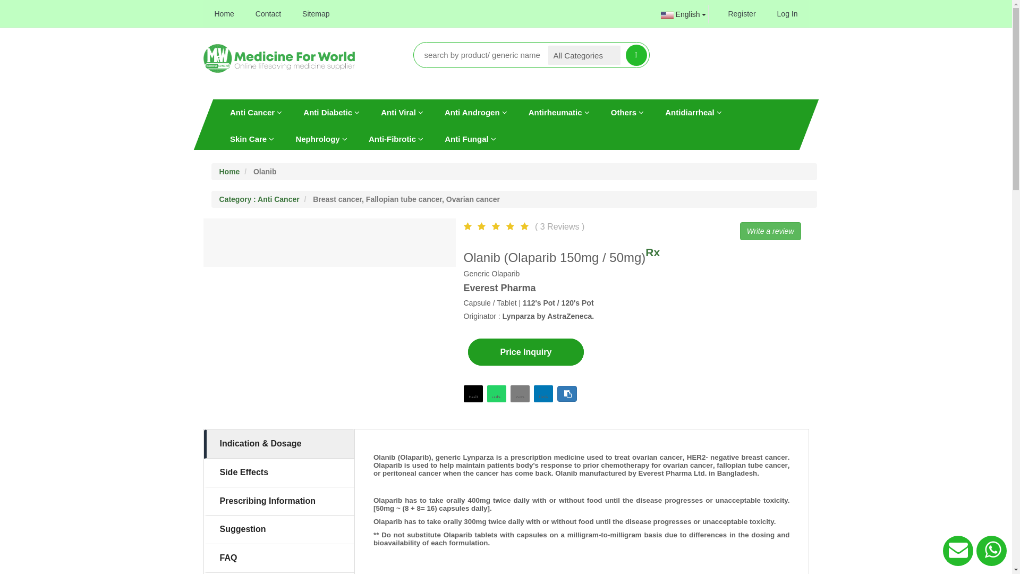 The height and width of the screenshot is (574, 1020). I want to click on 'Anti Diabetic', so click(293, 112).